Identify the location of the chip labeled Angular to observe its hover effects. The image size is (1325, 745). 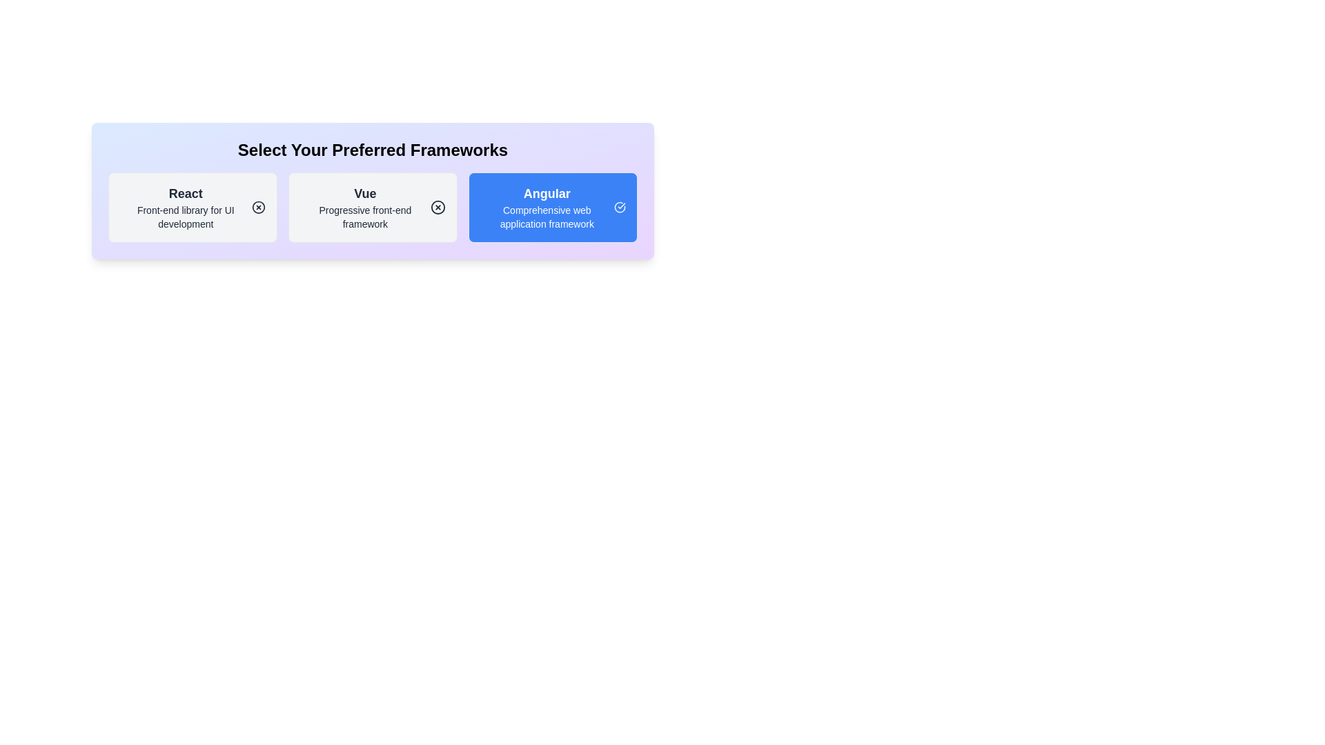
(553, 207).